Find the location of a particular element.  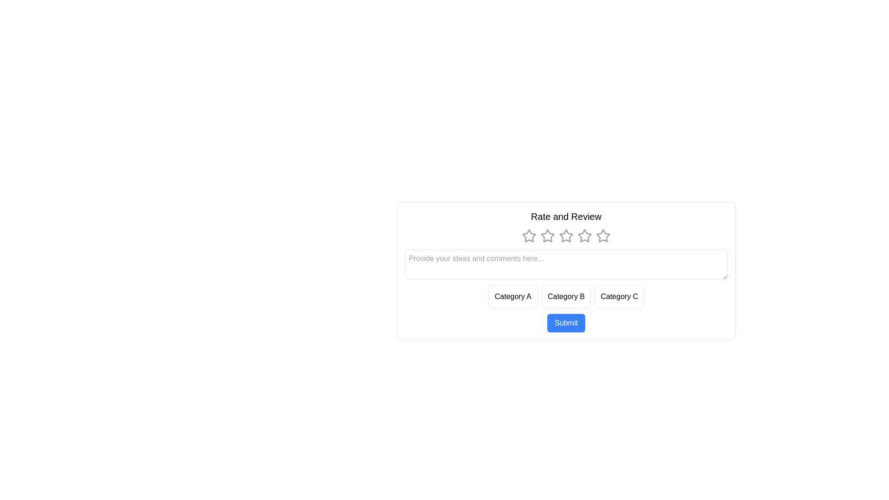

the Submit button to submit the rating and feedback is located at coordinates (566, 323).